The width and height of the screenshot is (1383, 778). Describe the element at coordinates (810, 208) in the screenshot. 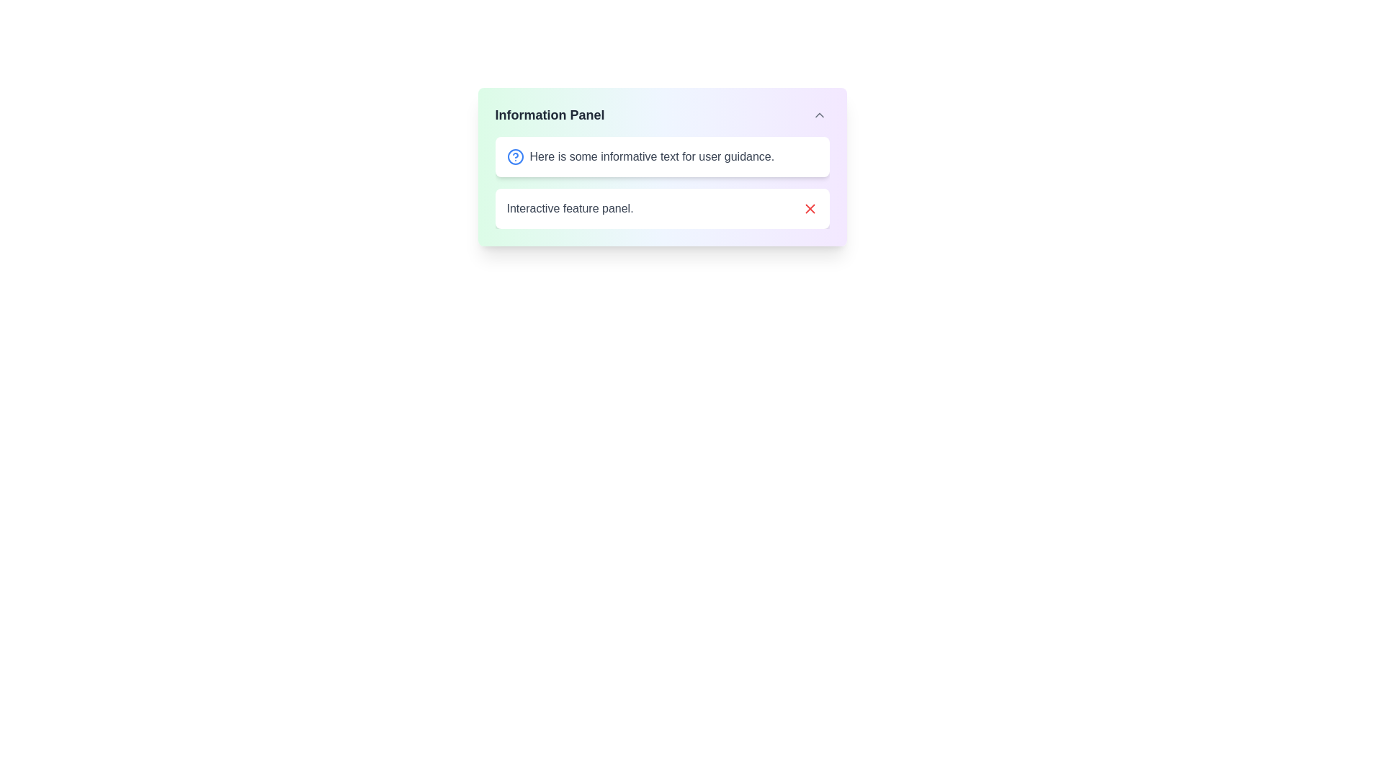

I see `the close/cancel icon button located to the right of the 'Interactive feature panel' text label` at that location.